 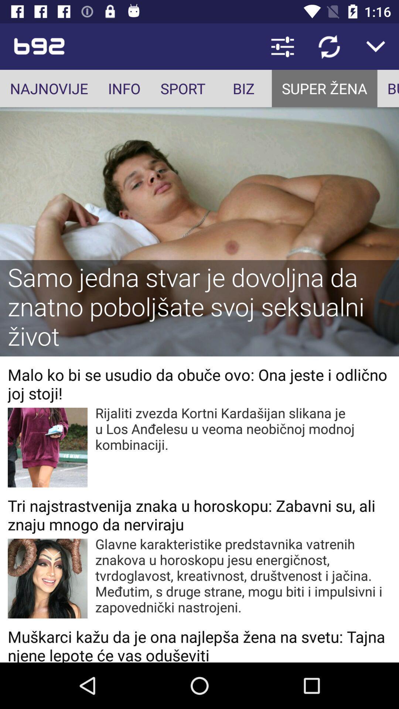 I want to click on icon above rijaliti zvezda kortni item, so click(x=199, y=384).